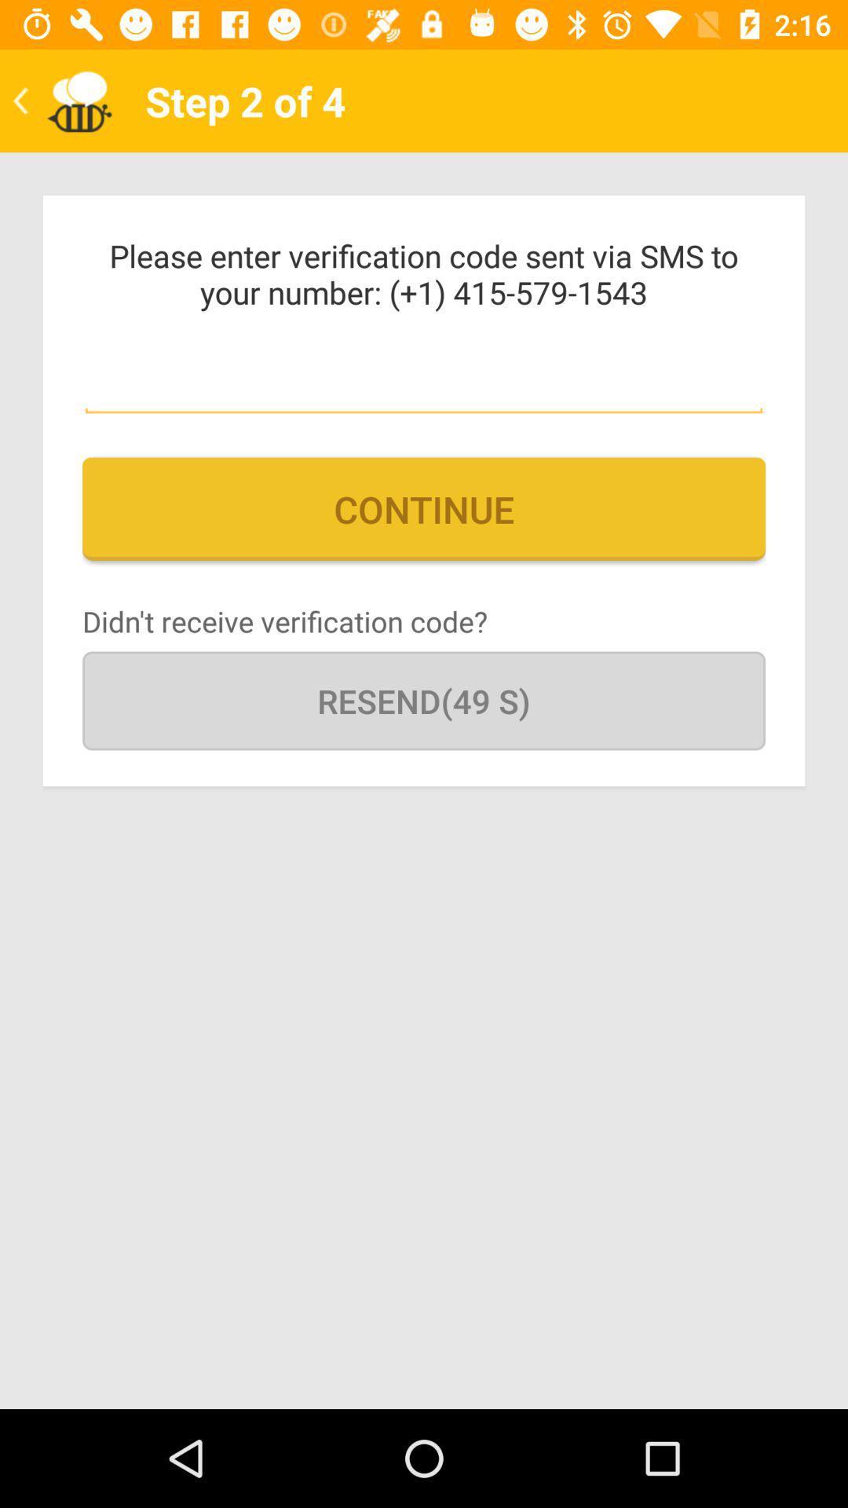 The image size is (848, 1508). What do you see at coordinates (424, 509) in the screenshot?
I see `continue` at bounding box center [424, 509].